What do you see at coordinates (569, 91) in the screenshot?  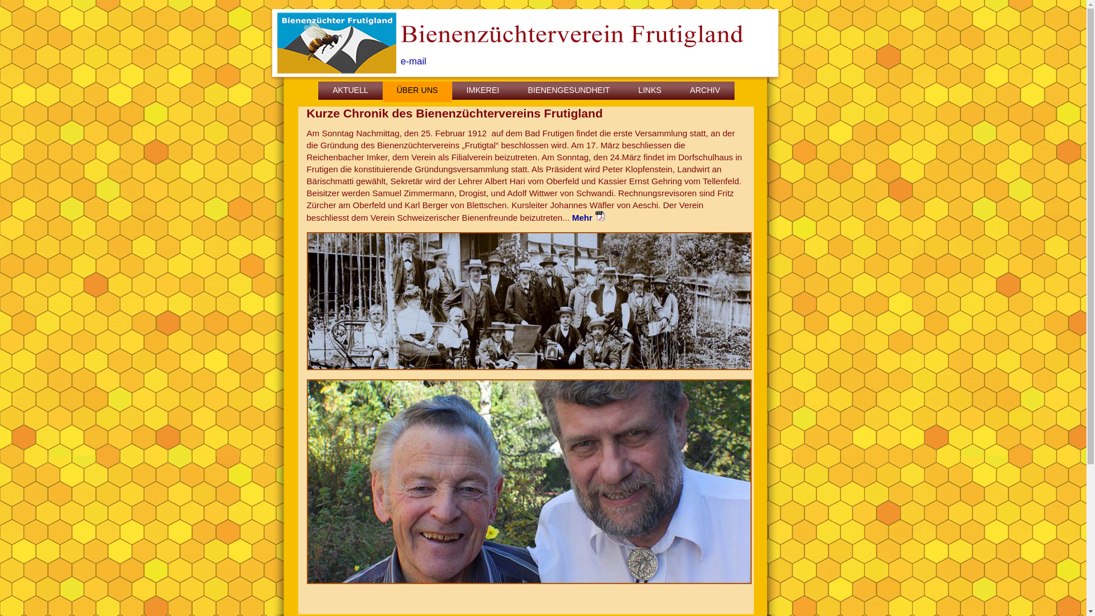 I see `'BIENENGESUNDHEIT'` at bounding box center [569, 91].